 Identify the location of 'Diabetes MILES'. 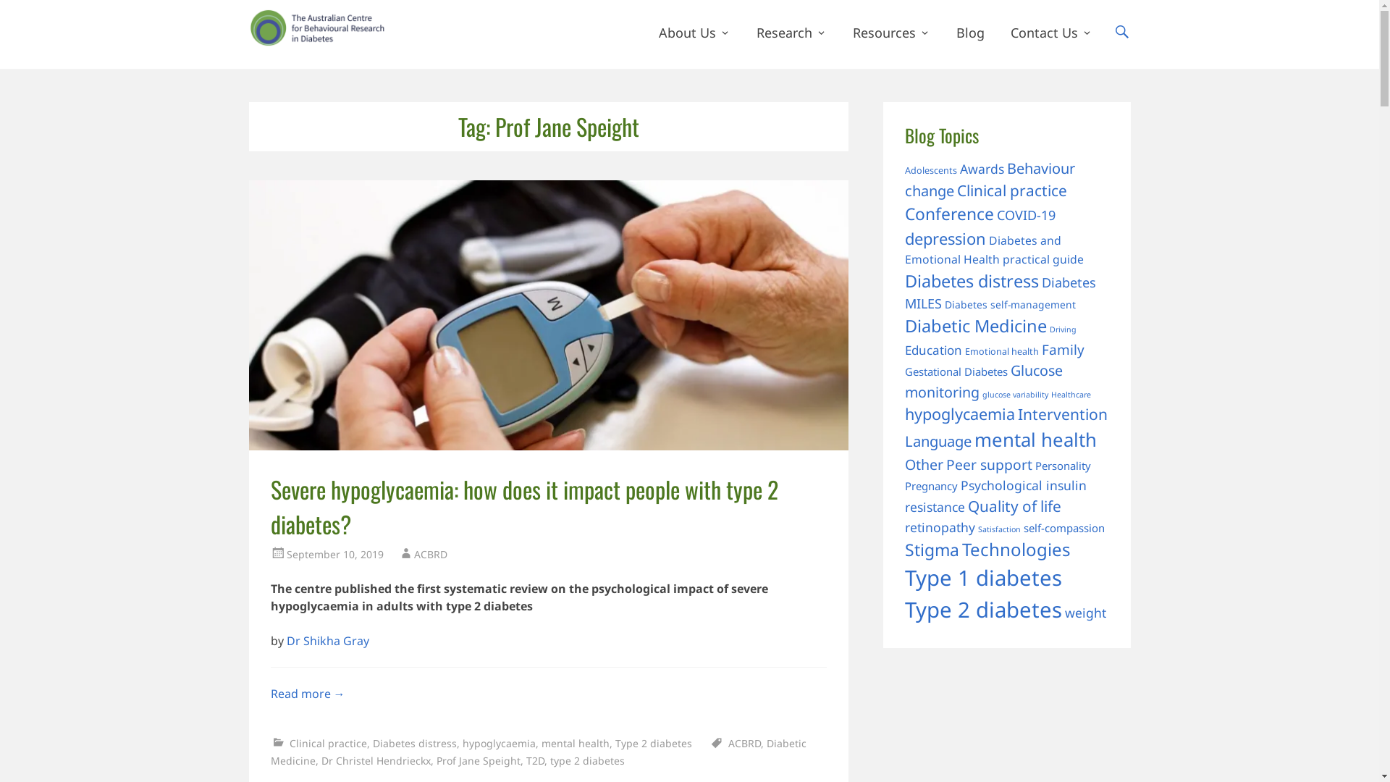
(903, 293).